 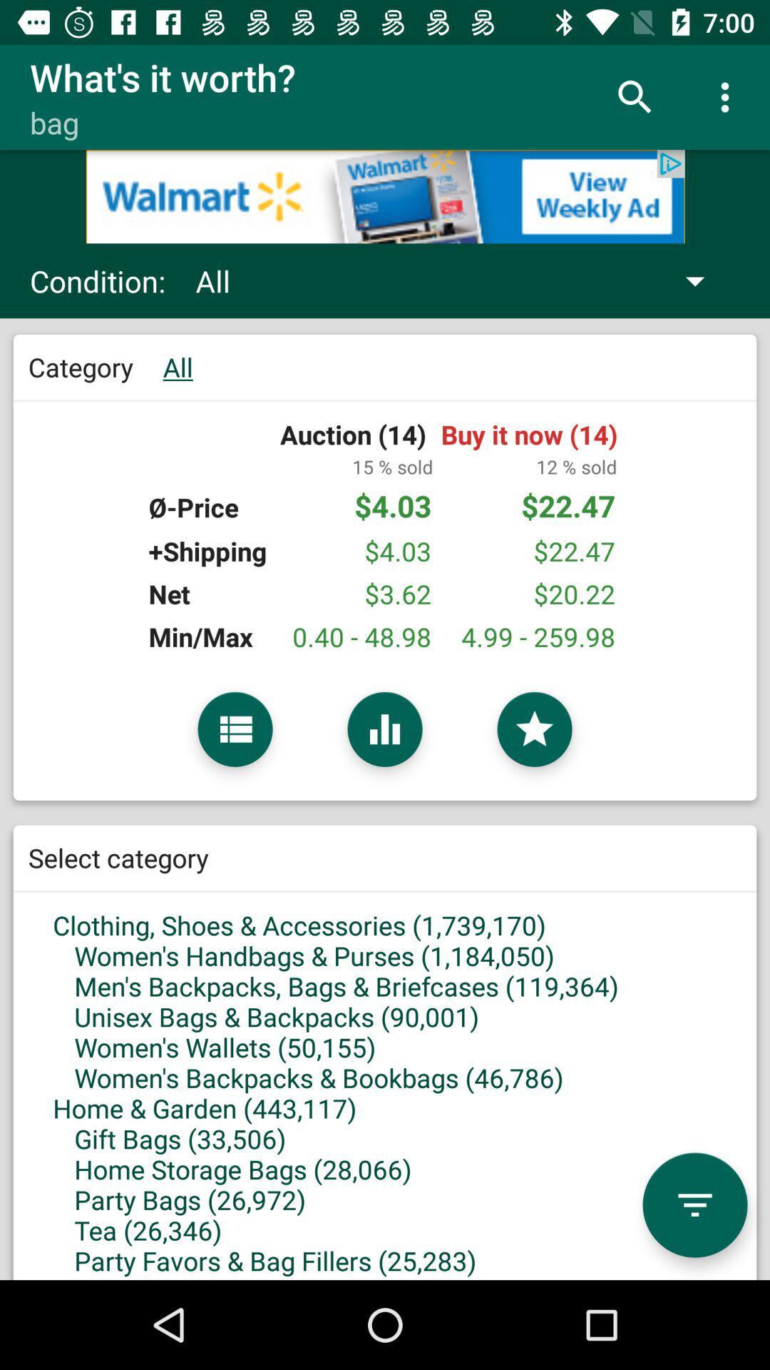 I want to click on the icon before star icon, so click(x=385, y=729).